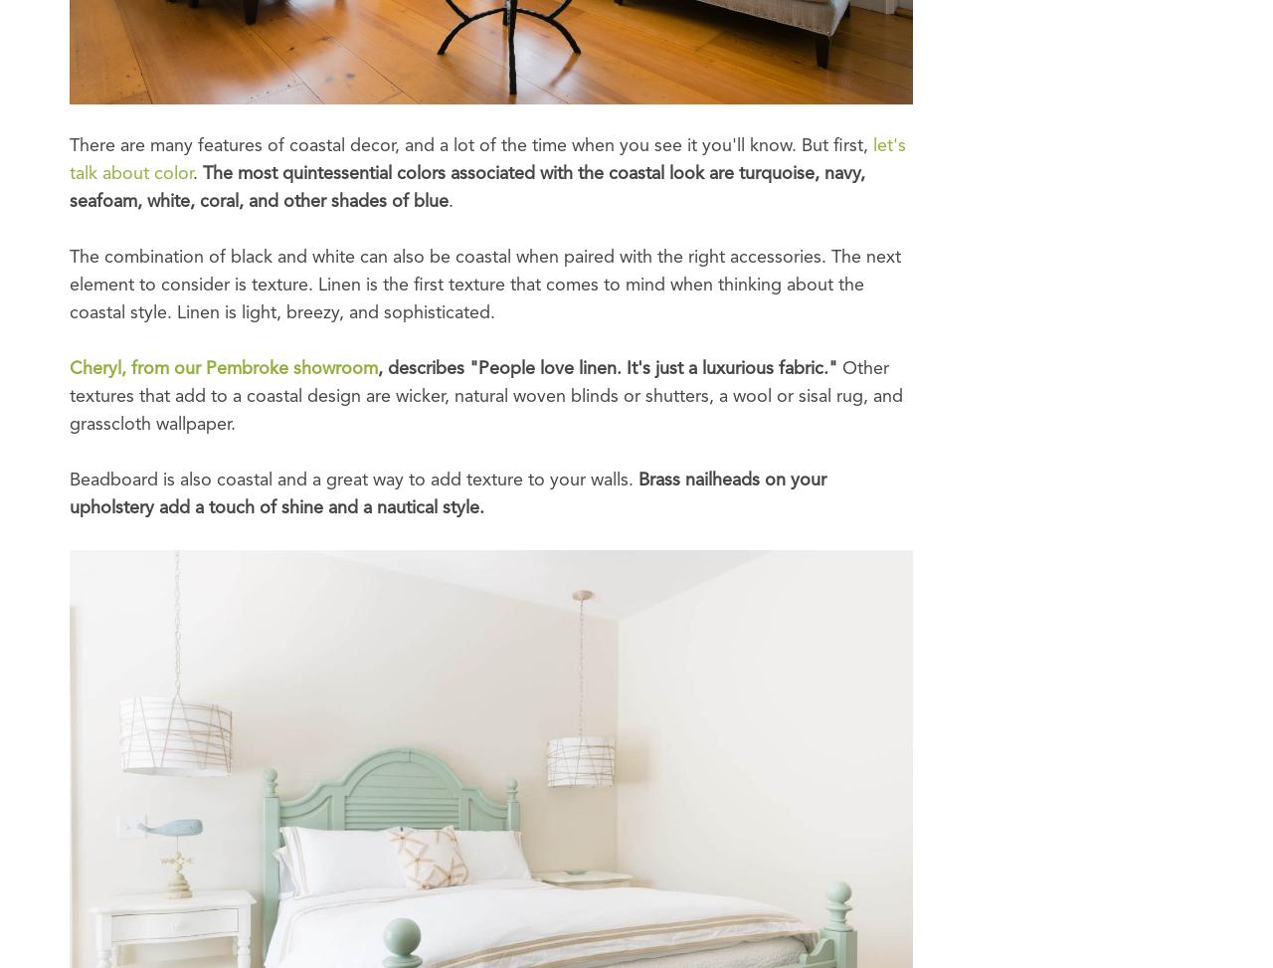  What do you see at coordinates (131, 77) in the screenshot?
I see `'About Circle'` at bounding box center [131, 77].